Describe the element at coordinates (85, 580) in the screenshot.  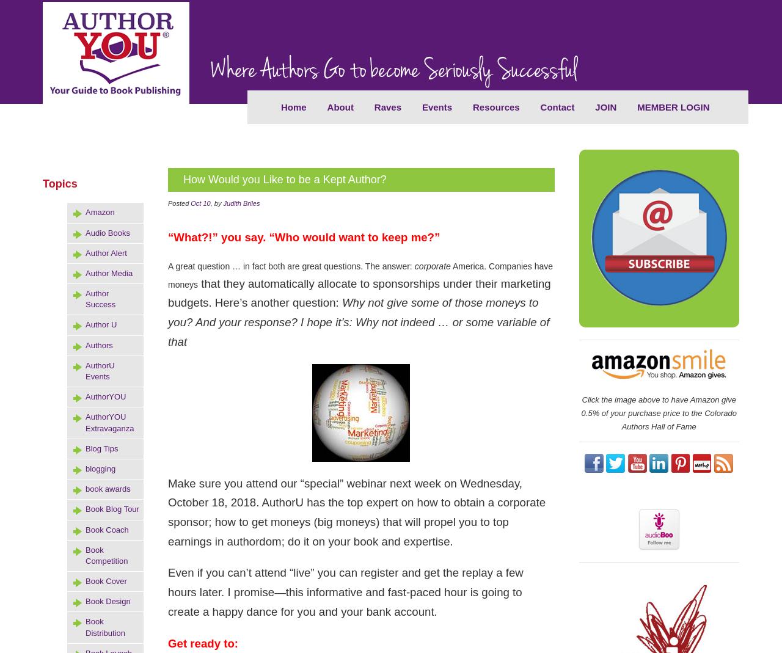
I see `'Book Cover'` at that location.